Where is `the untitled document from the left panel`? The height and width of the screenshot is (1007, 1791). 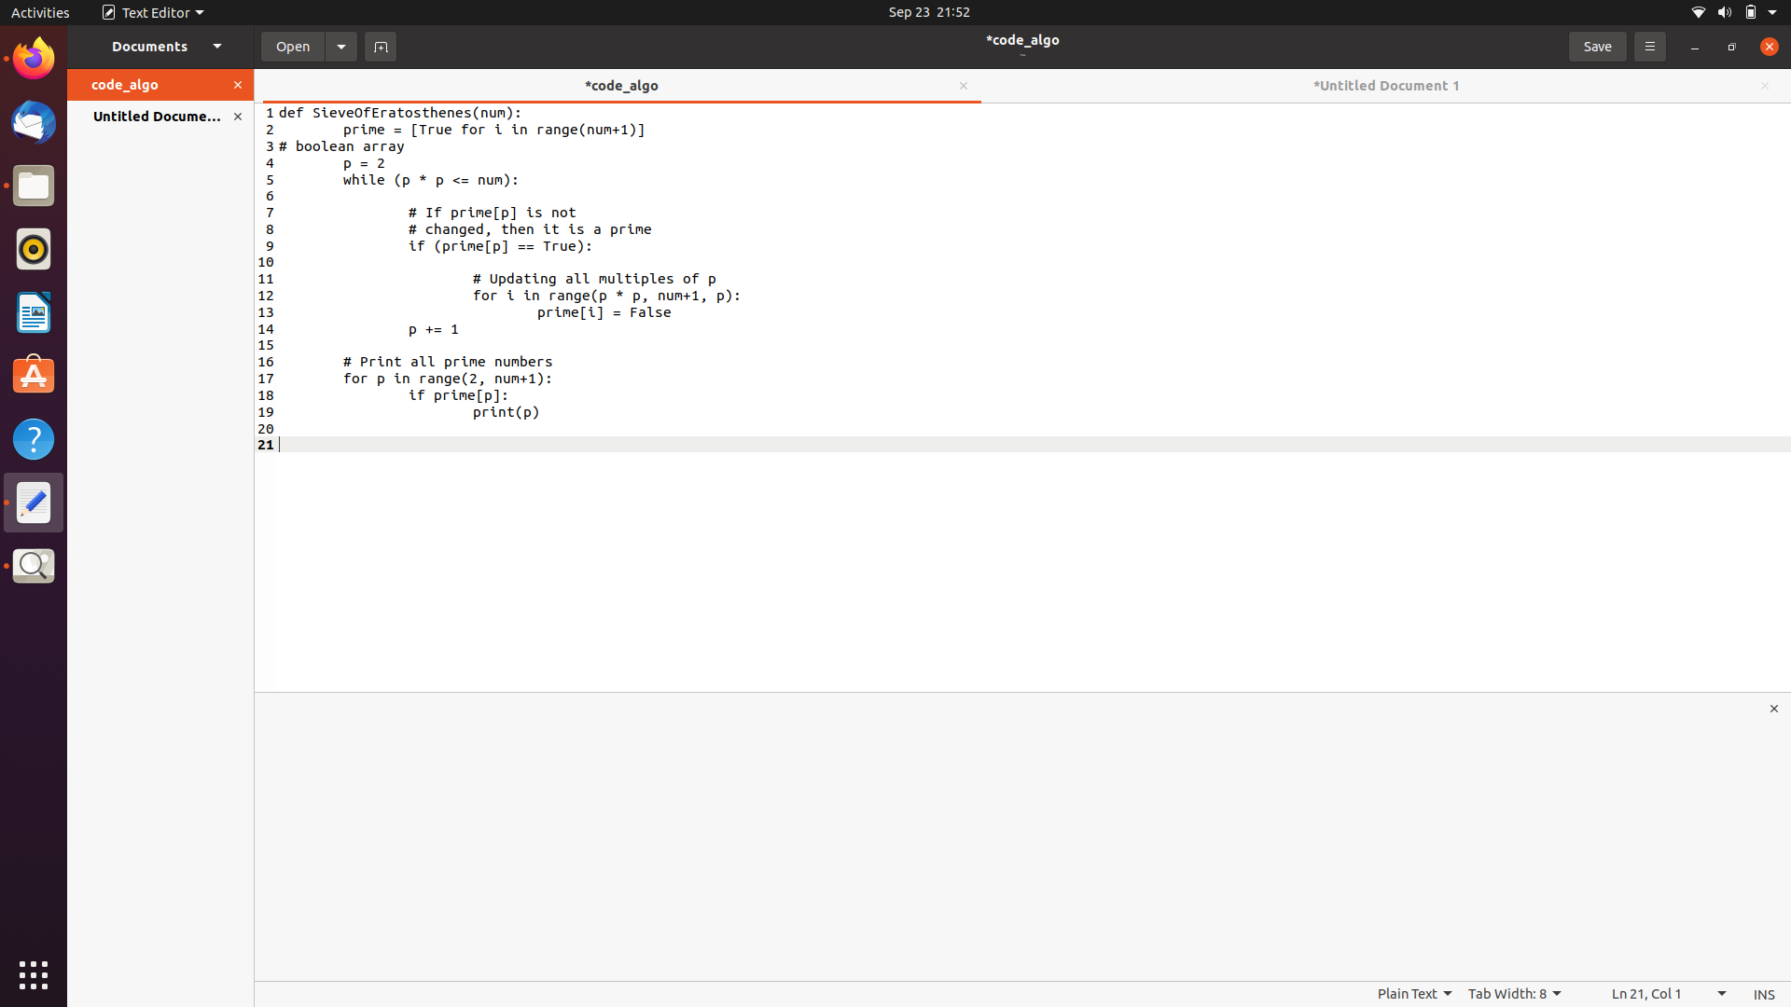 the untitled document from the left panel is located at coordinates (146, 116).